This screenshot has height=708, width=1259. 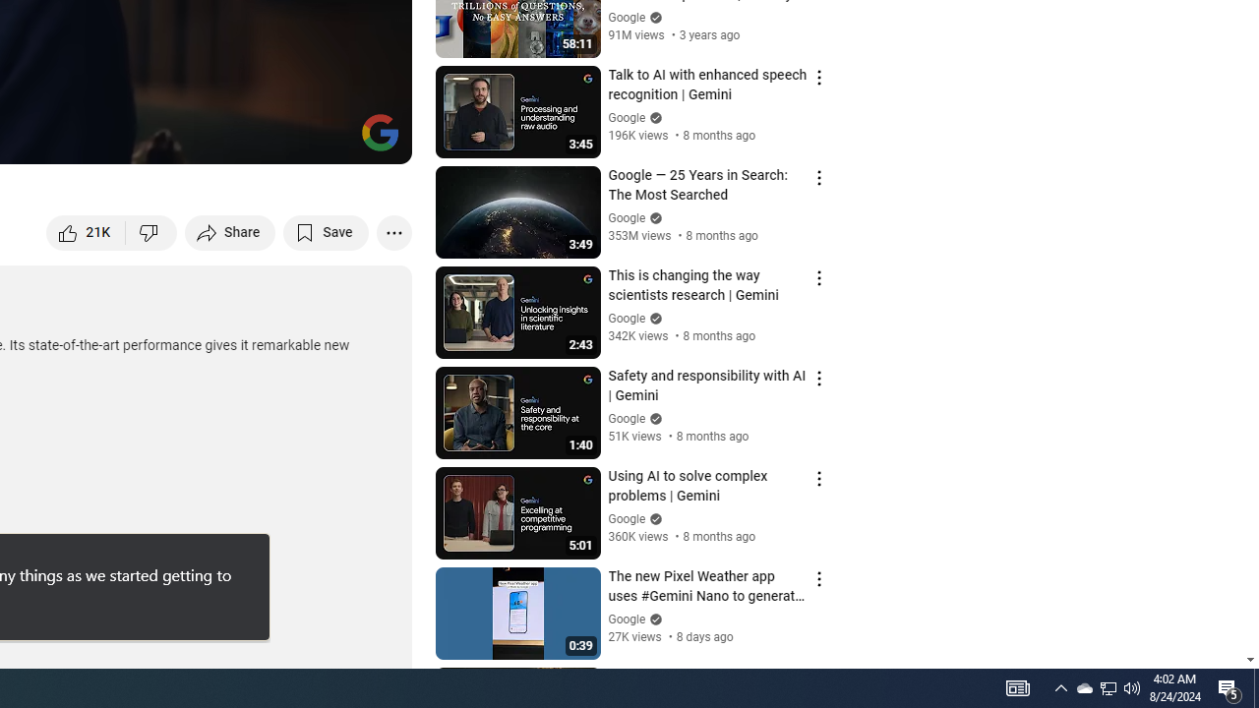 I want to click on 'Save to playlist', so click(x=326, y=231).